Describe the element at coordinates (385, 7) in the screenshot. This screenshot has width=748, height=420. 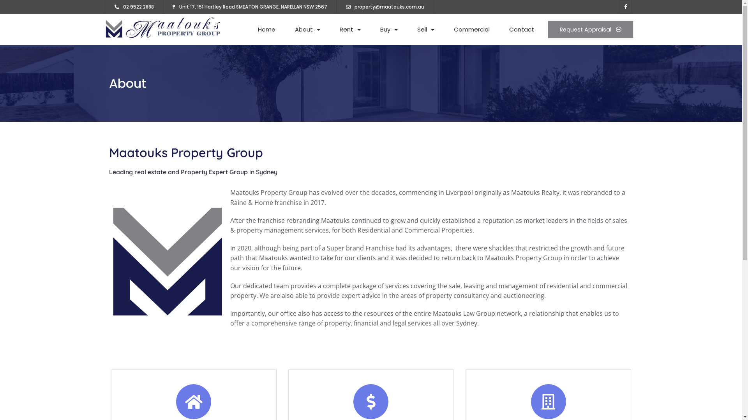
I see `'property@maatouks.com.au'` at that location.